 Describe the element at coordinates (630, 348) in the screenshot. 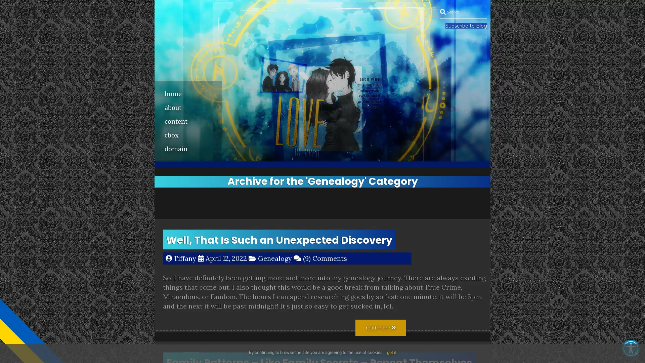

I see `Open Accessibility Toolbar` at that location.